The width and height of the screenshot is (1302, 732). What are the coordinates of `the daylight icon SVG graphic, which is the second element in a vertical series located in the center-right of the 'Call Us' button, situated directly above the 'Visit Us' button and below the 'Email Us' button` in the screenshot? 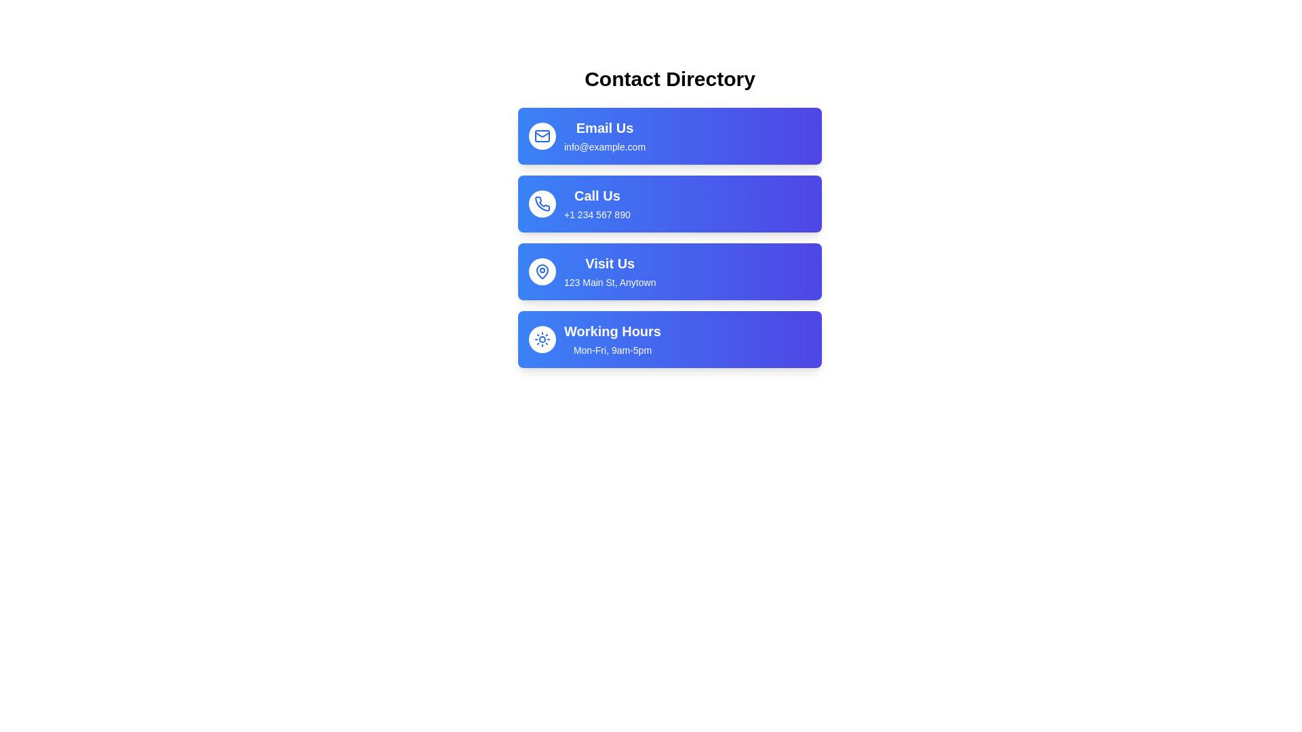 It's located at (542, 339).